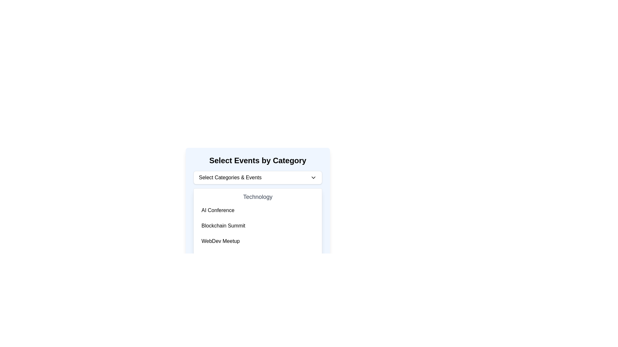 This screenshot has height=347, width=618. Describe the element at coordinates (223, 225) in the screenshot. I see `the 'Blockchain Summit' label, which is the second item under 'Technology' in the list` at that location.